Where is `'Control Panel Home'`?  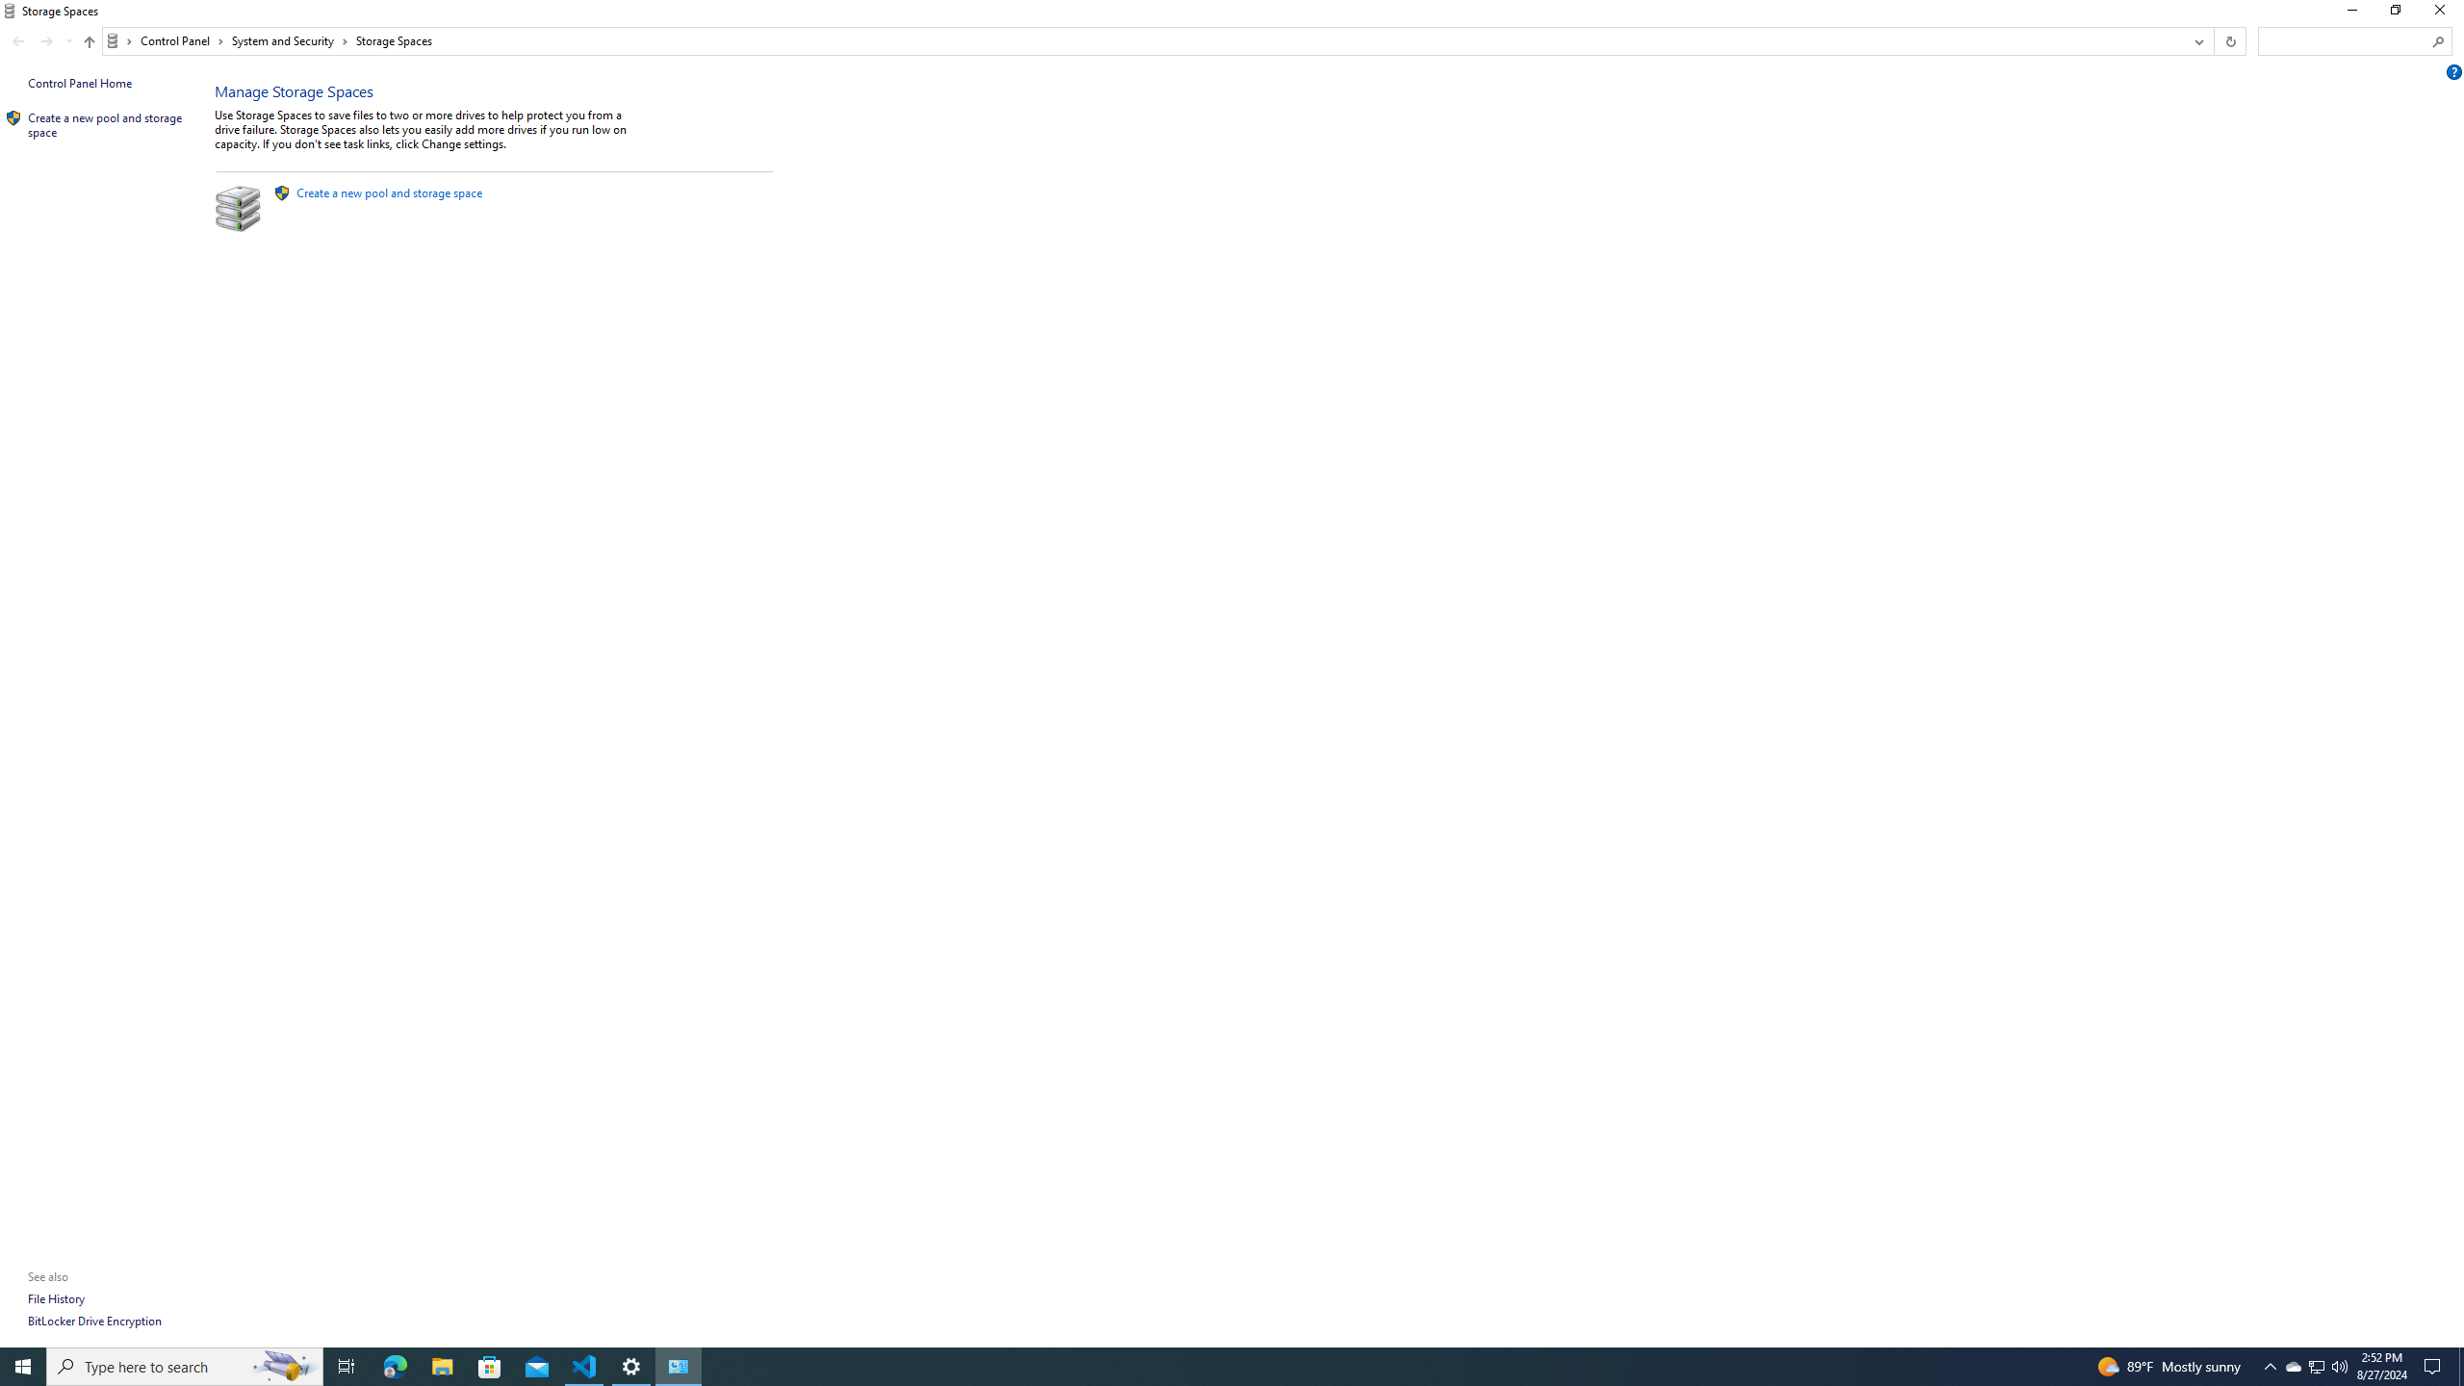
'Control Panel Home' is located at coordinates (79, 82).